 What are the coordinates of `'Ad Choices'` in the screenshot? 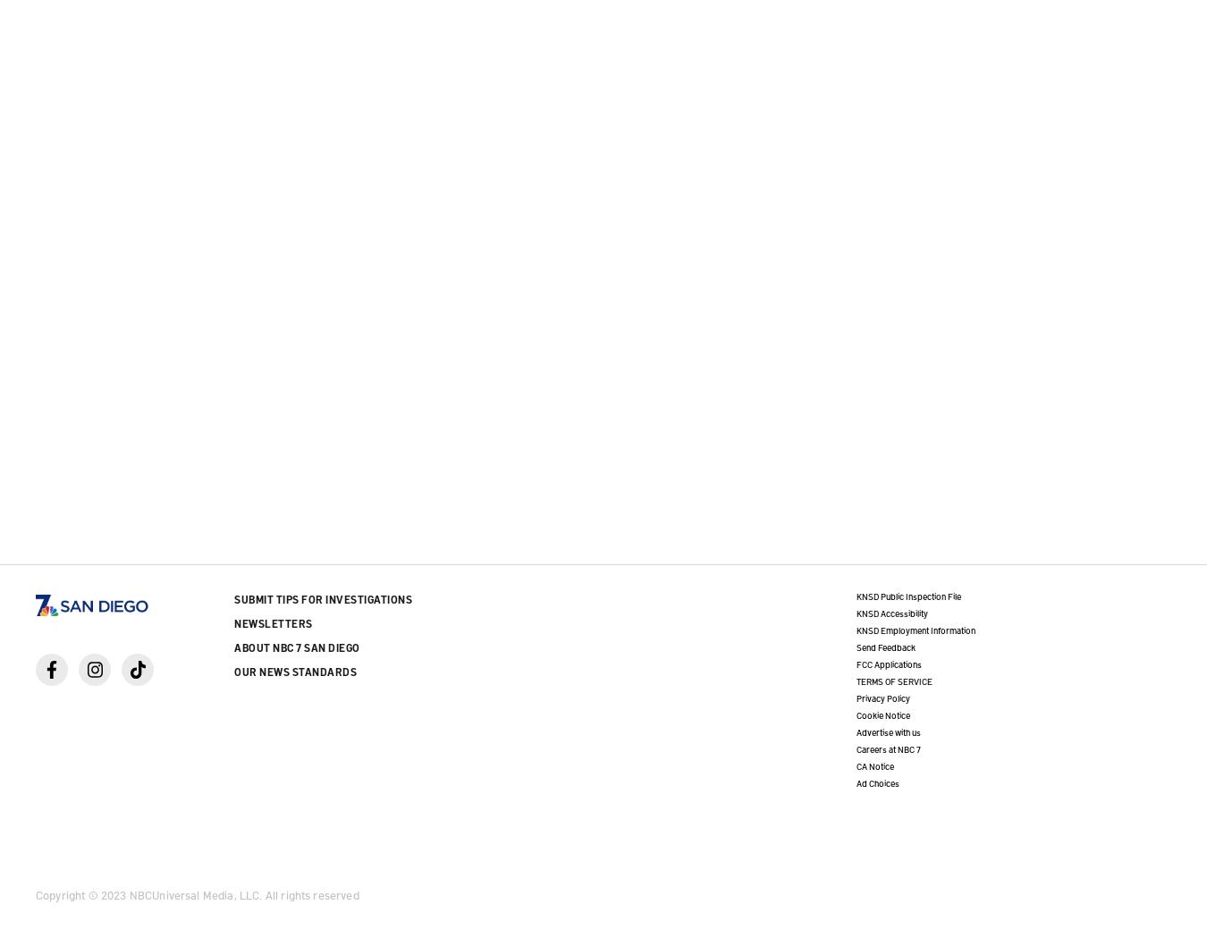 It's located at (876, 782).